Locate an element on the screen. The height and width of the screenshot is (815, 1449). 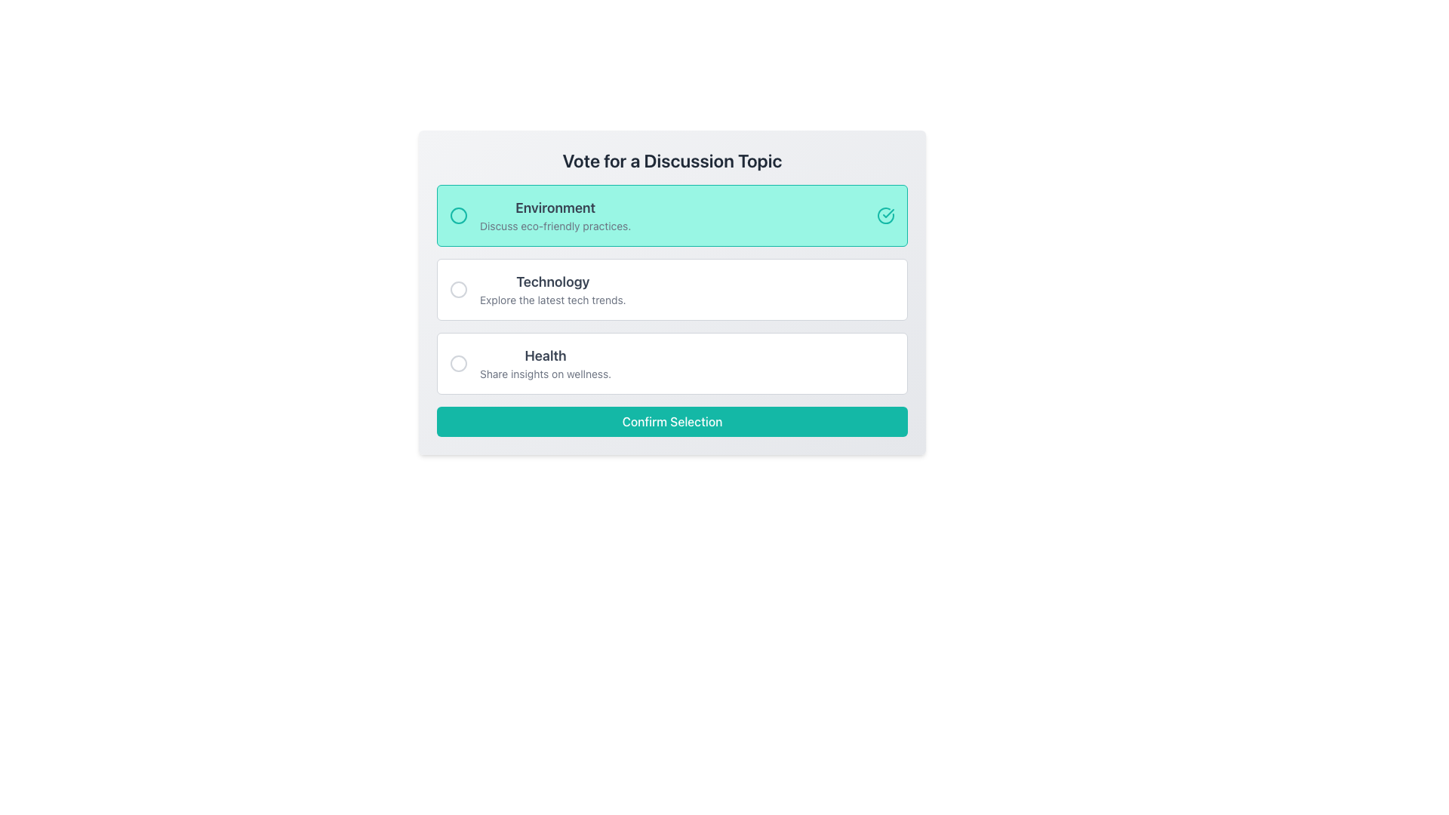
the supplemental description text located within the turquoise card labeled 'Environment', which provides additional context about the 'Environment' topic is located at coordinates (555, 226).